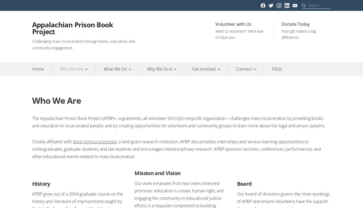 This screenshot has width=363, height=208. What do you see at coordinates (204, 69) in the screenshot?
I see `'Get Involved'` at bounding box center [204, 69].